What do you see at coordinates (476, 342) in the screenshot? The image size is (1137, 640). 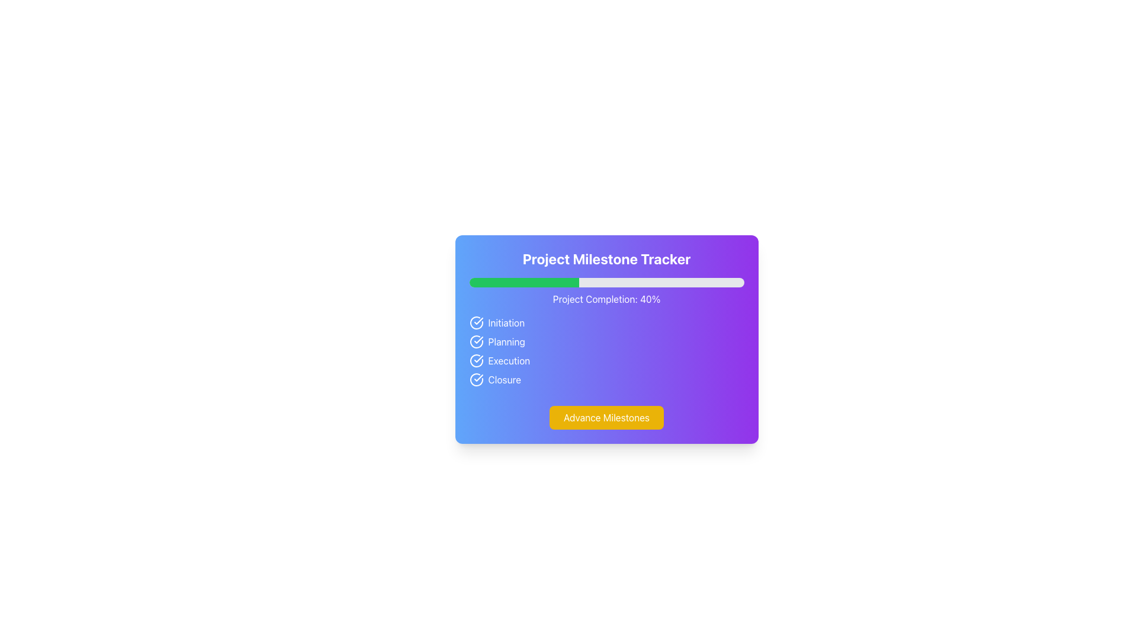 I see `the circular checkmark icon representing the status of the 'Planning' milestone located in the second row of list items` at bounding box center [476, 342].